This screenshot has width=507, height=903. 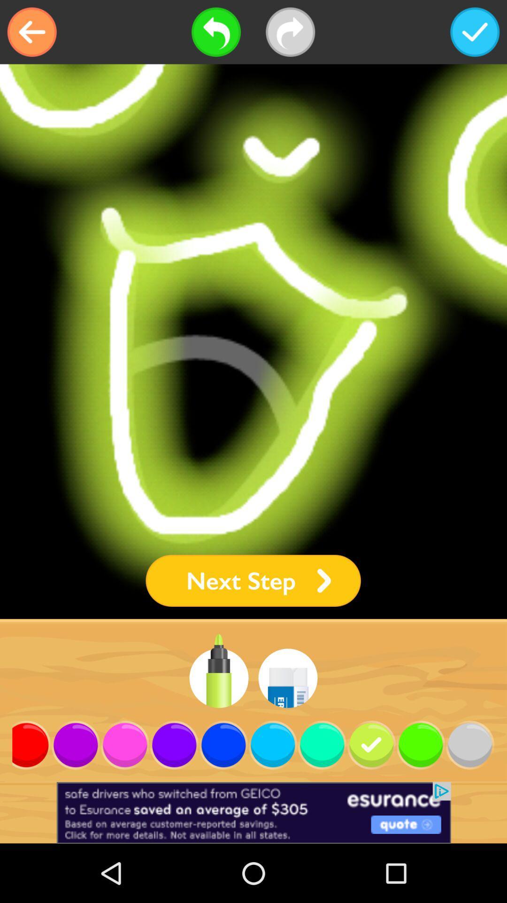 What do you see at coordinates (475, 32) in the screenshot?
I see `the check icon` at bounding box center [475, 32].